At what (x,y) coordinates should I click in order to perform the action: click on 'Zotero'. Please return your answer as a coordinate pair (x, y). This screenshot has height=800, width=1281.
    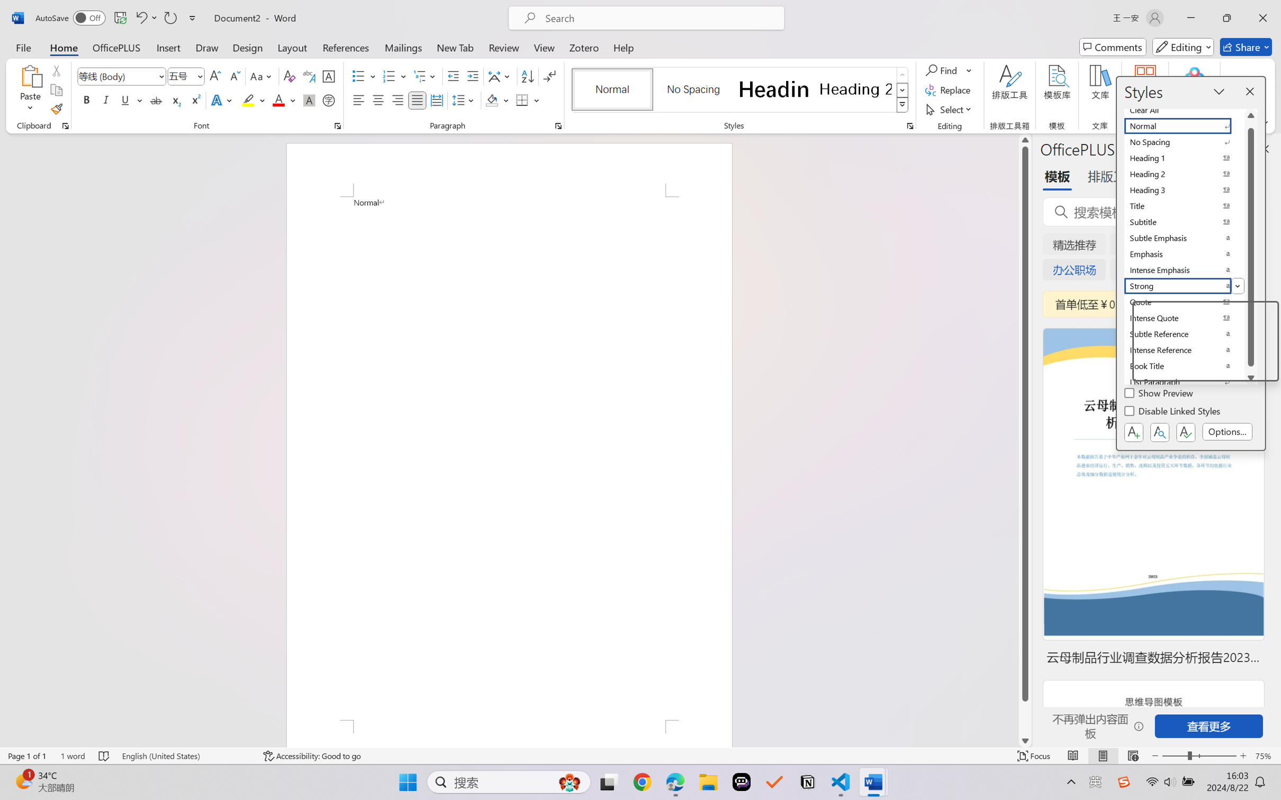
    Looking at the image, I should click on (583, 47).